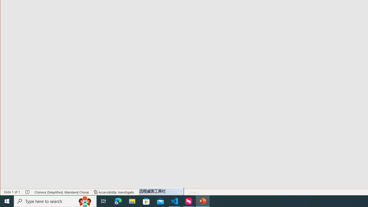 This screenshot has height=207, width=368. Describe the element at coordinates (55, 201) in the screenshot. I see `'Type here to search'` at that location.